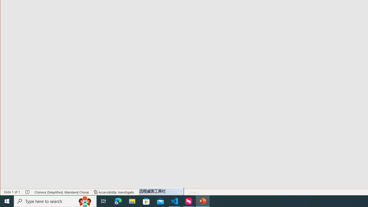 This screenshot has height=207, width=368. Describe the element at coordinates (55, 201) in the screenshot. I see `'Type here to search'` at that location.